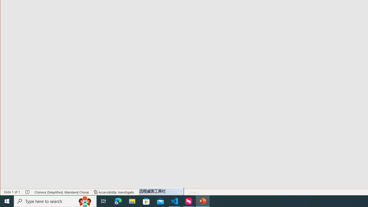 This screenshot has height=207, width=368. Describe the element at coordinates (55, 201) in the screenshot. I see `'Type here to search'` at that location.